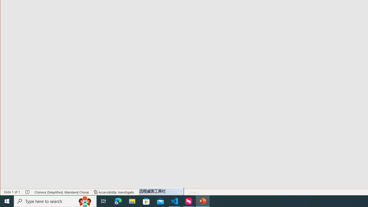 This screenshot has height=207, width=368. Describe the element at coordinates (55, 201) in the screenshot. I see `'Type here to search'` at that location.